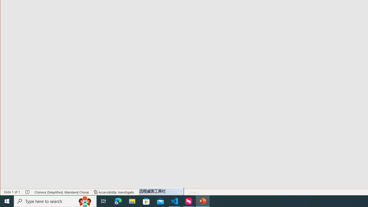 This screenshot has height=207, width=368. Describe the element at coordinates (55, 201) in the screenshot. I see `'Type here to search'` at that location.